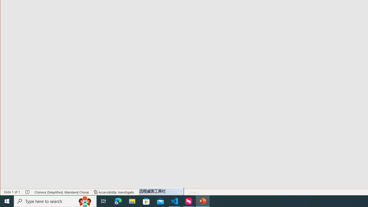 This screenshot has height=207, width=368. Describe the element at coordinates (55, 201) in the screenshot. I see `'Type here to search'` at that location.